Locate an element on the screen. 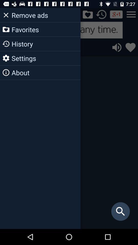  the volume icon is located at coordinates (117, 47).